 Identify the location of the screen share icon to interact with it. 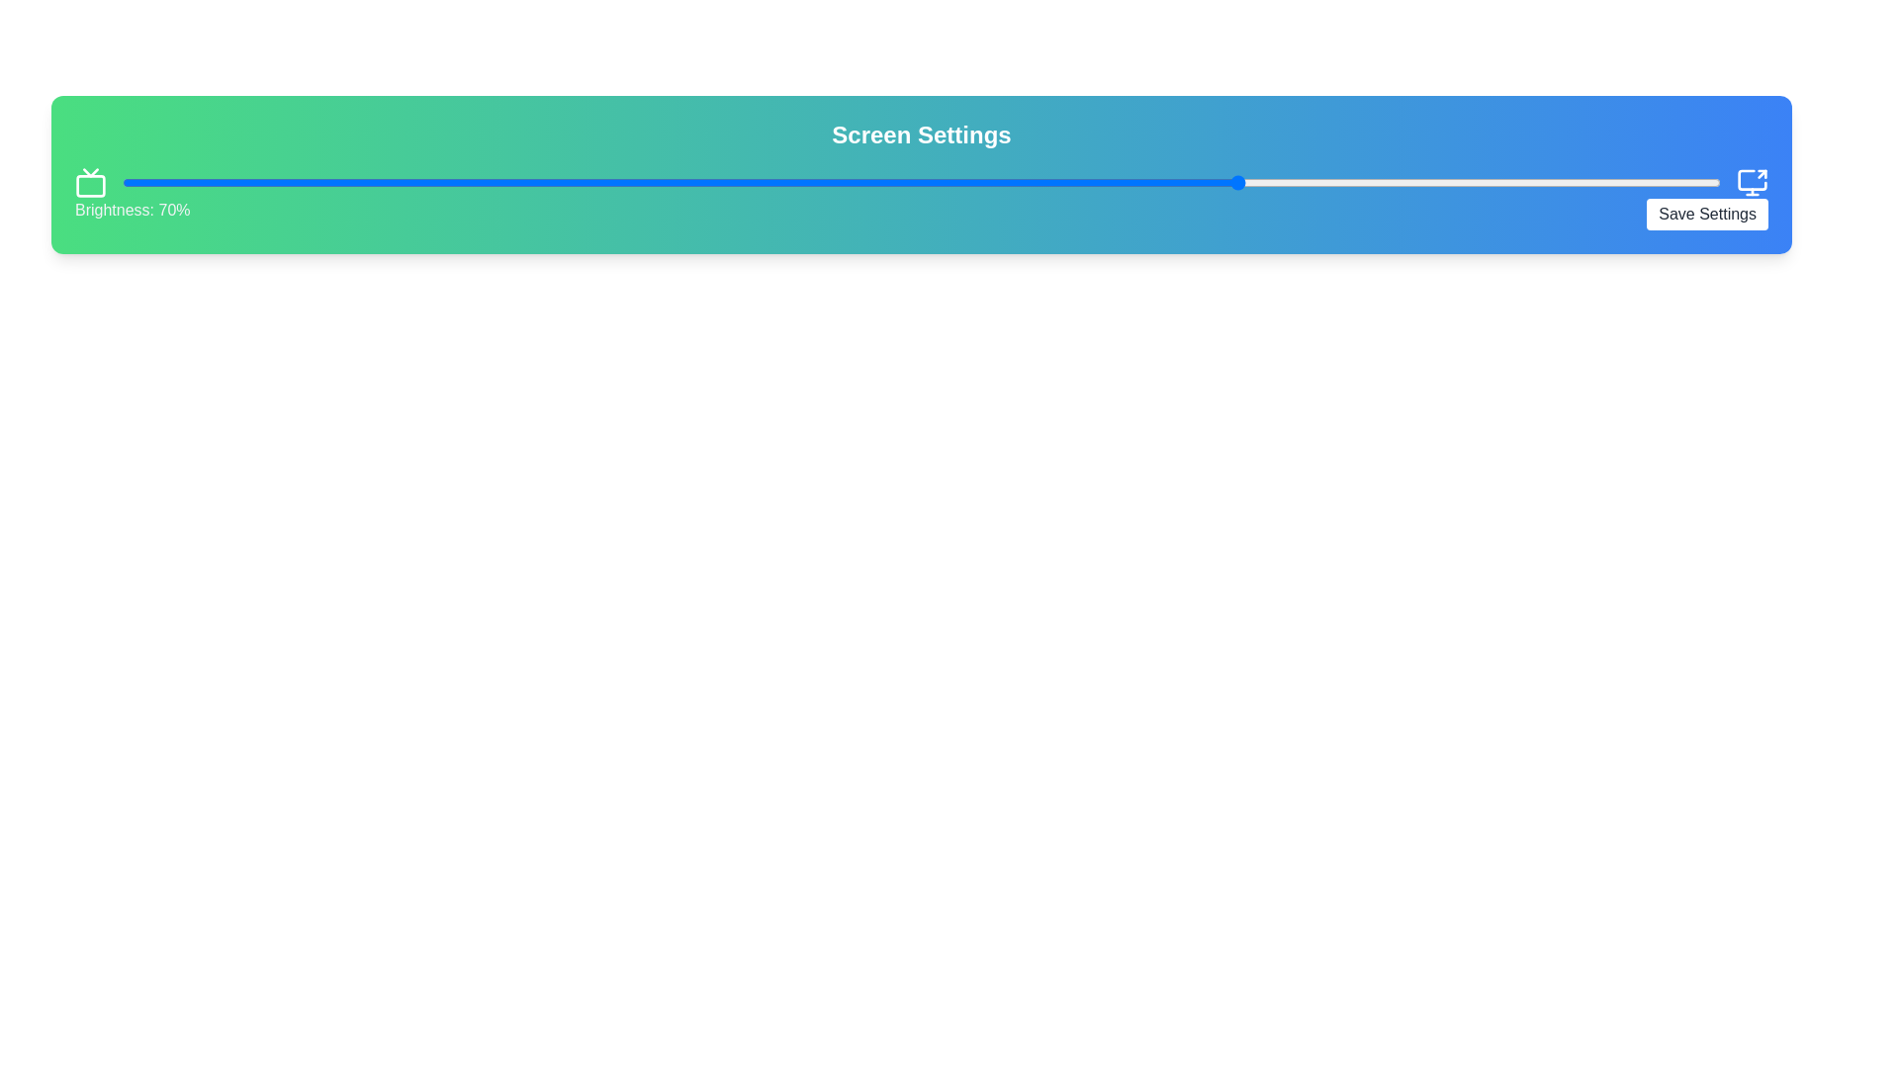
(1752, 183).